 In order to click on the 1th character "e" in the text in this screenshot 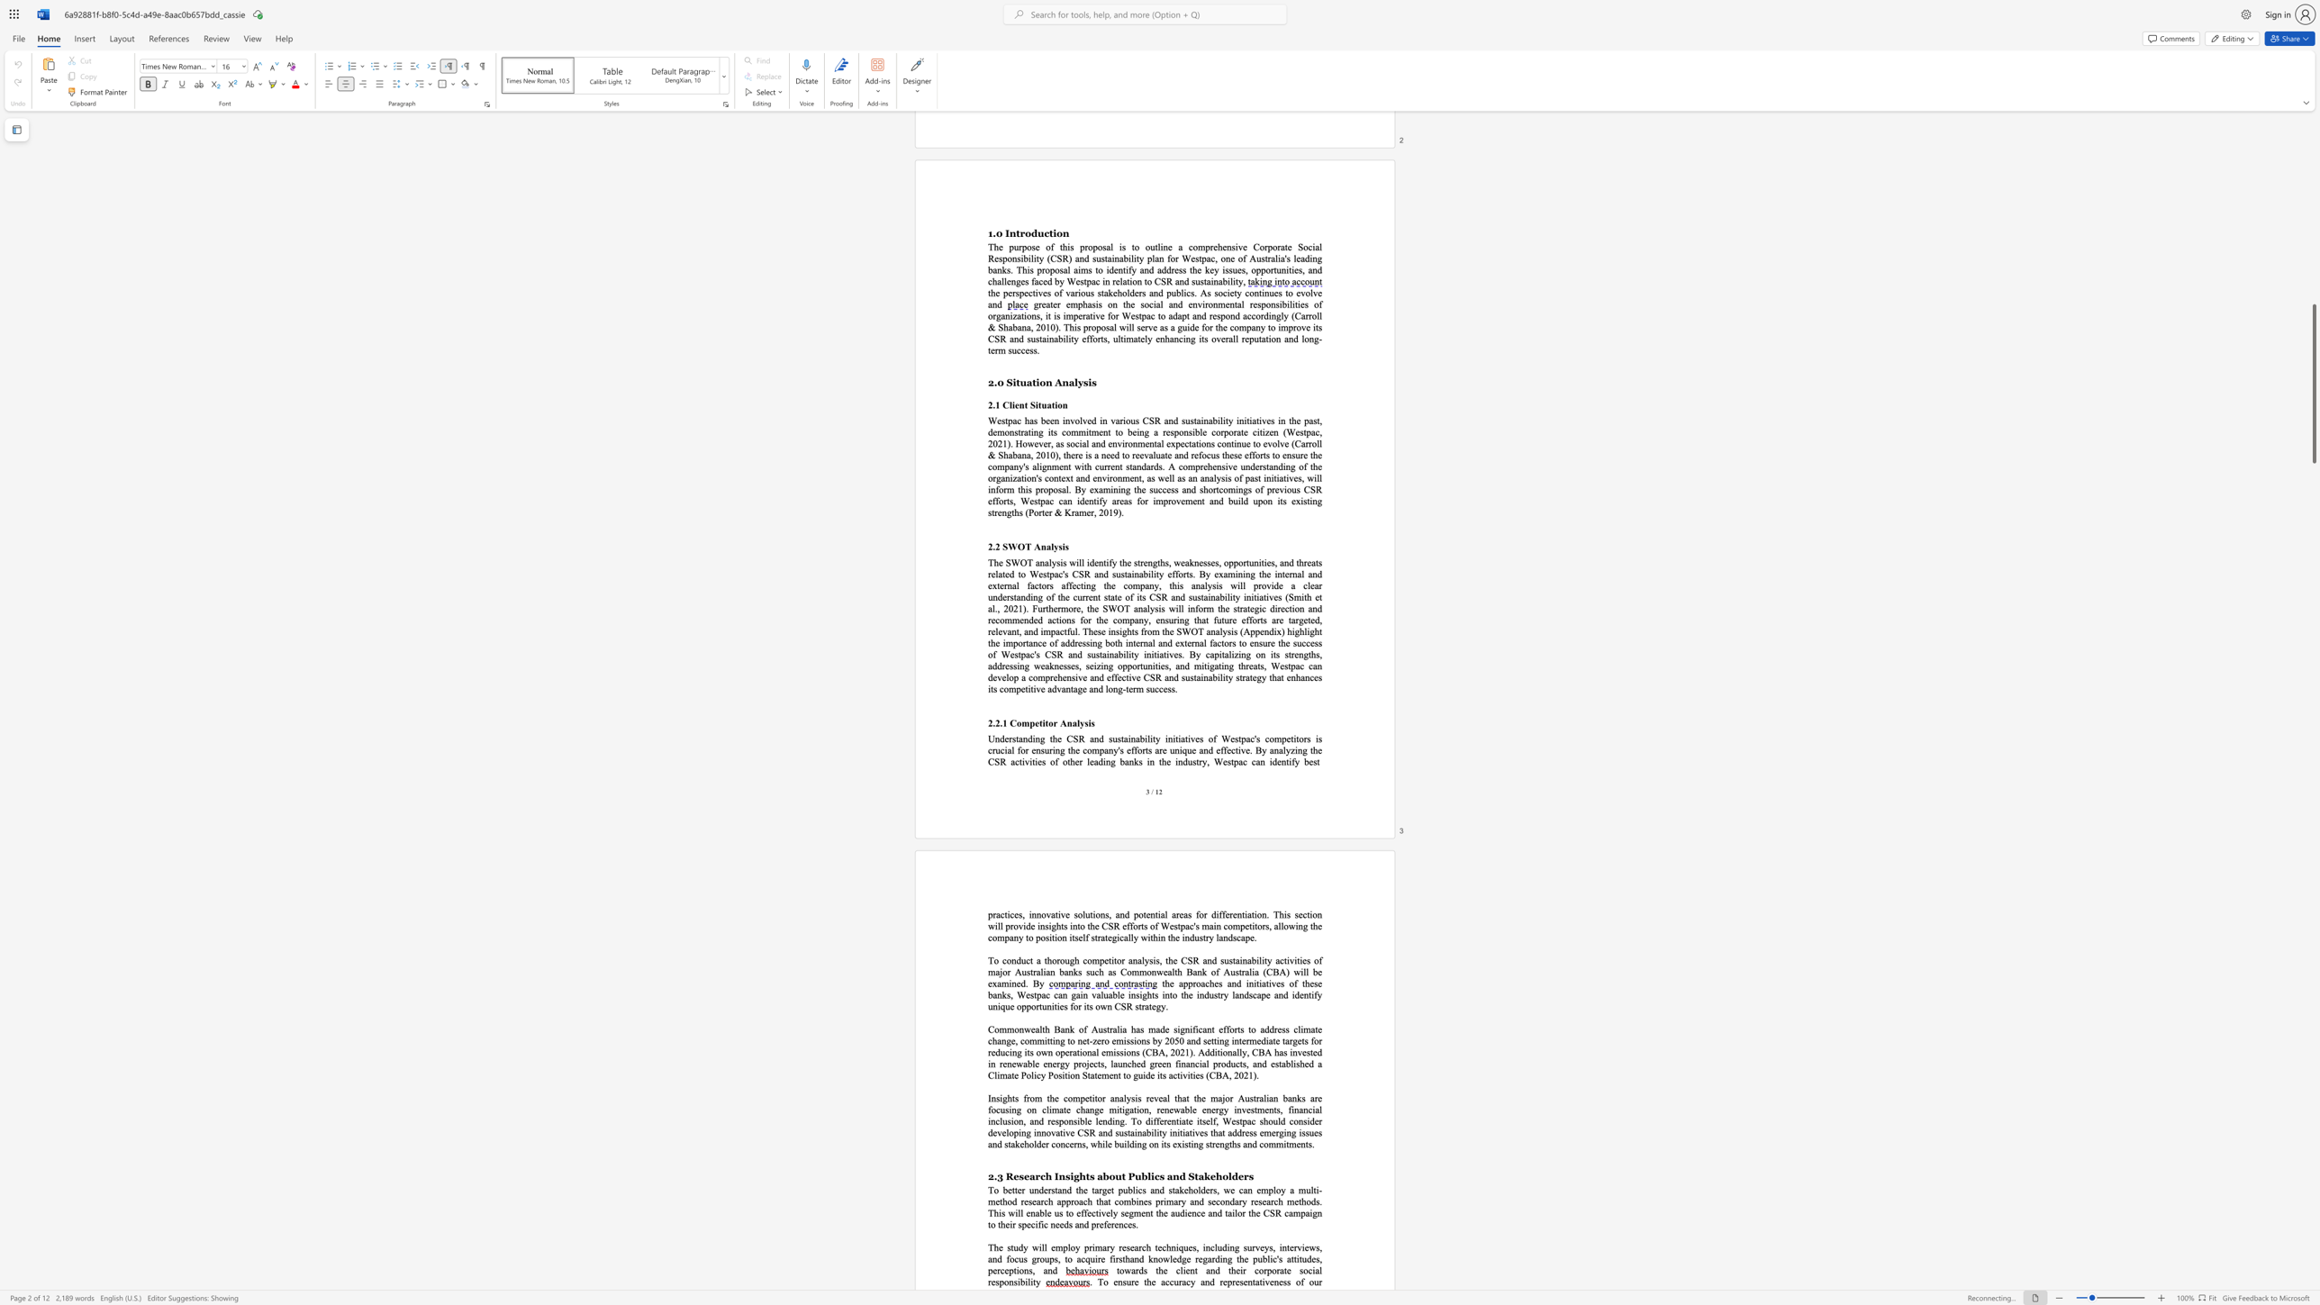, I will do `click(1174, 1258)`.